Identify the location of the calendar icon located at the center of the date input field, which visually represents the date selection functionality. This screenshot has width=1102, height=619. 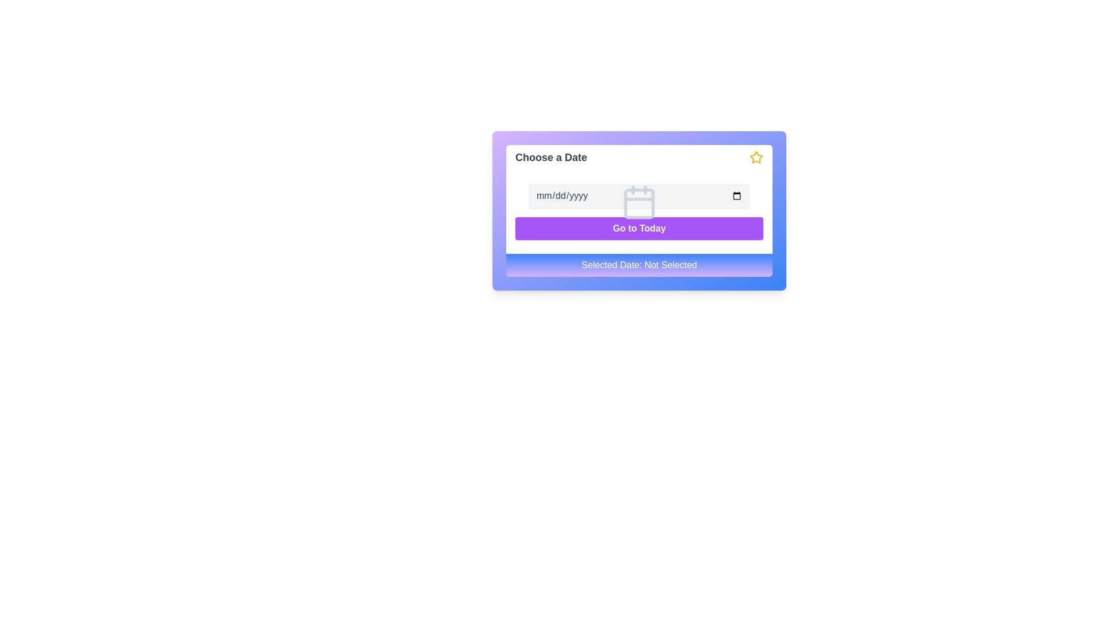
(638, 202).